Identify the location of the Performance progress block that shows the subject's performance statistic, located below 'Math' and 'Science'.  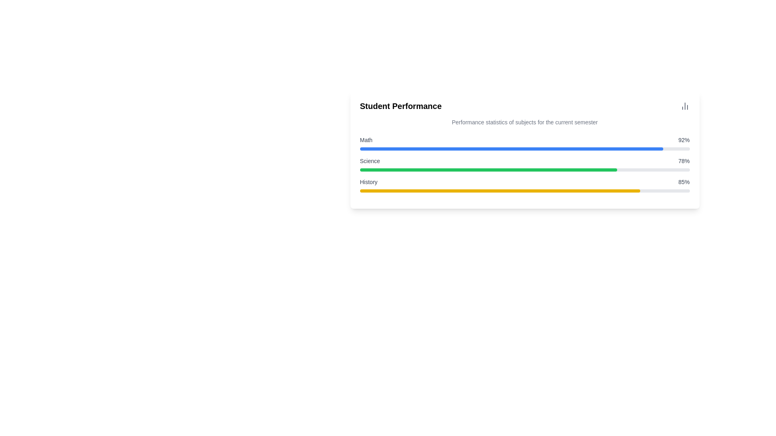
(525, 185).